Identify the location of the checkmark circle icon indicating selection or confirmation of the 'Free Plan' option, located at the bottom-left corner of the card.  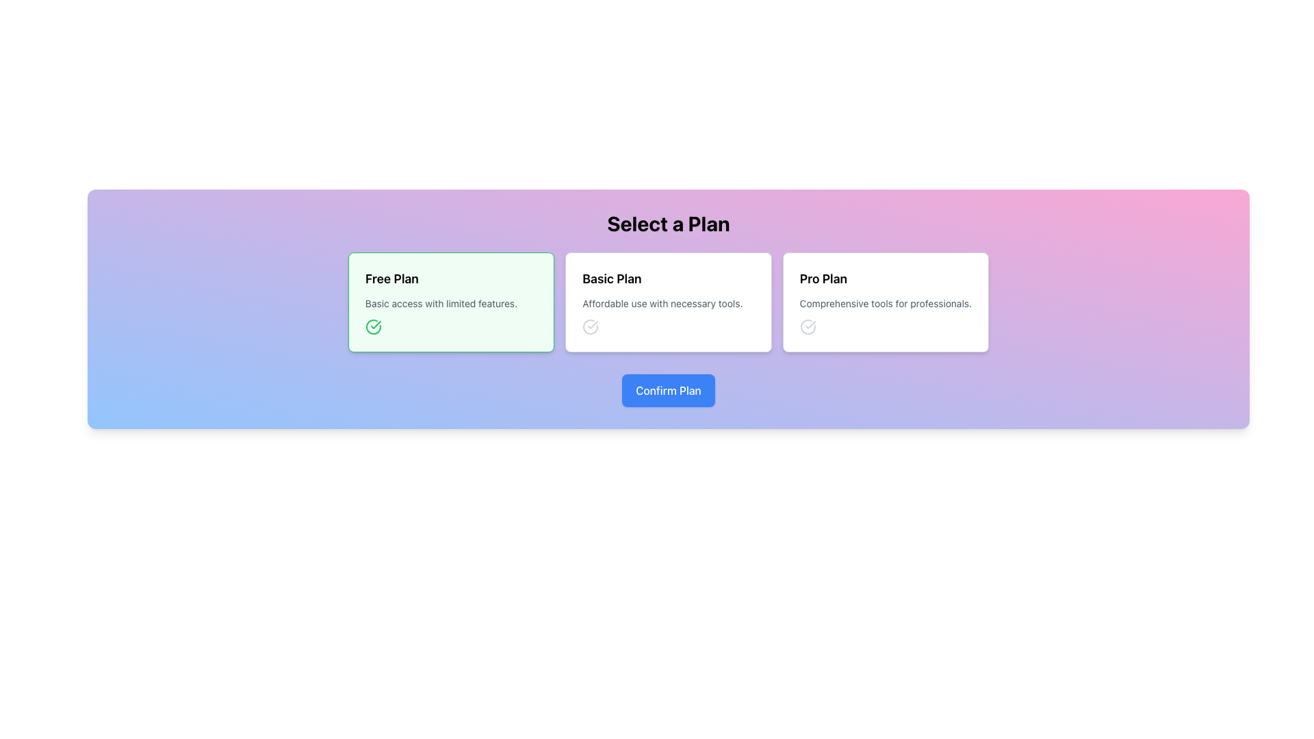
(373, 327).